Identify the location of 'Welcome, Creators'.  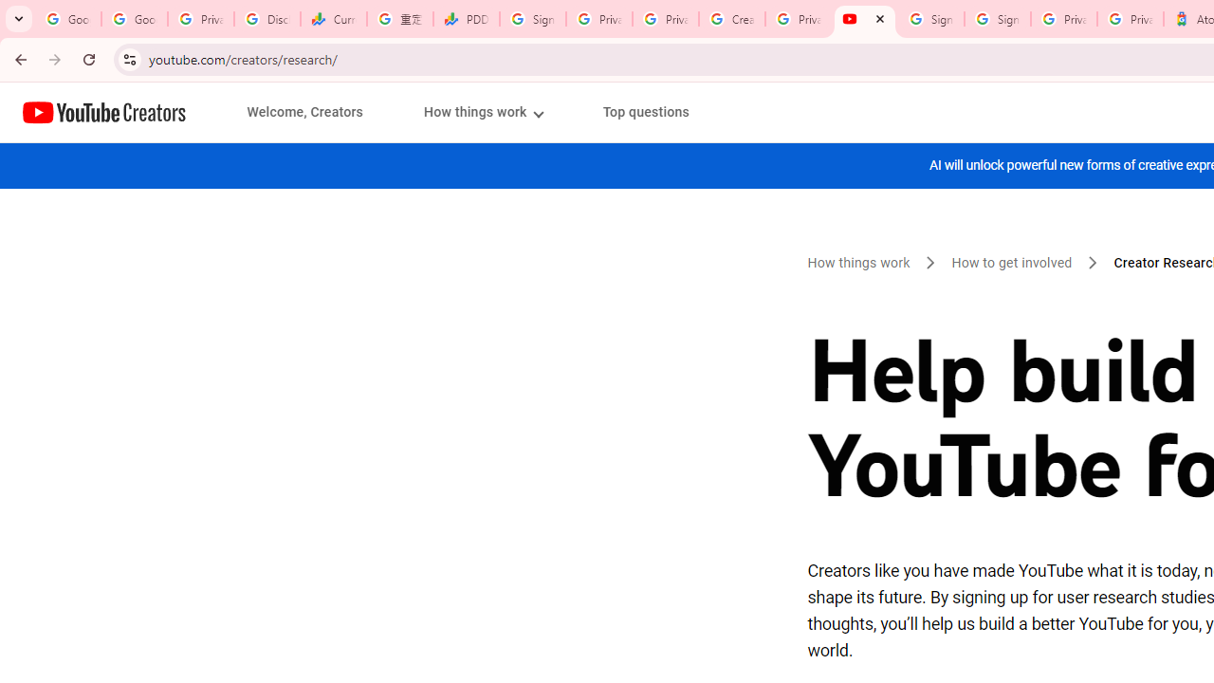
(304, 112).